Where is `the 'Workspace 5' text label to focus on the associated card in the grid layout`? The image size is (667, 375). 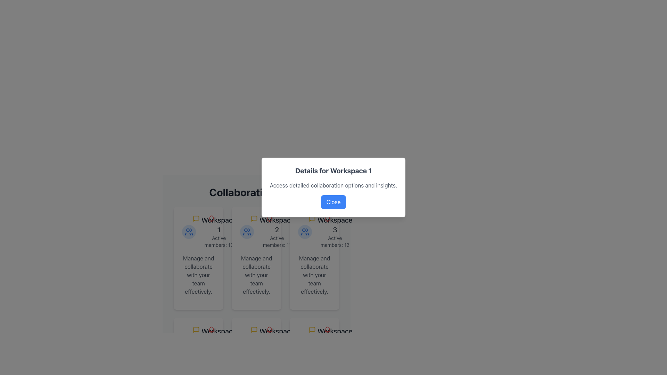
the 'Workspace 5' text label to focus on the associated card in the grid layout is located at coordinates (276, 336).